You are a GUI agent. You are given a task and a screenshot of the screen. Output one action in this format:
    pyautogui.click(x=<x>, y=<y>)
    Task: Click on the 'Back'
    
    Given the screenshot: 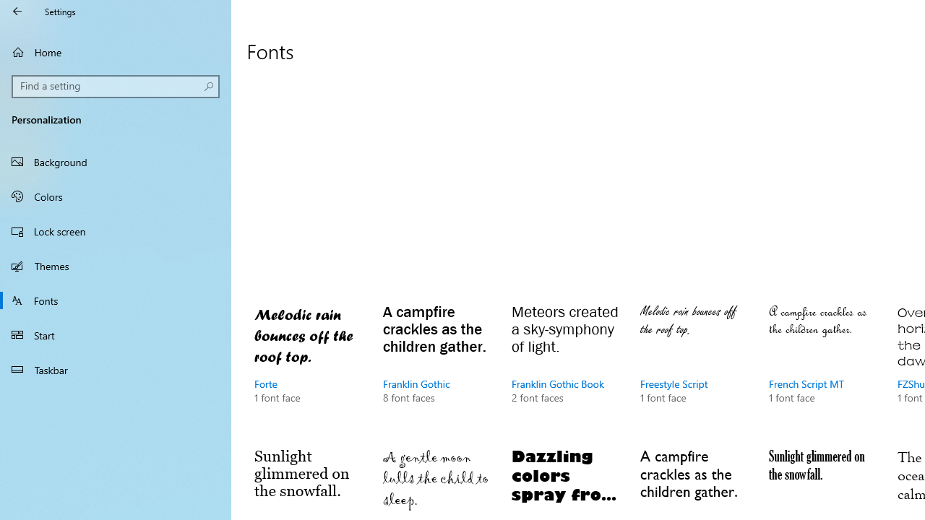 What is the action you would take?
    pyautogui.click(x=17, y=11)
    